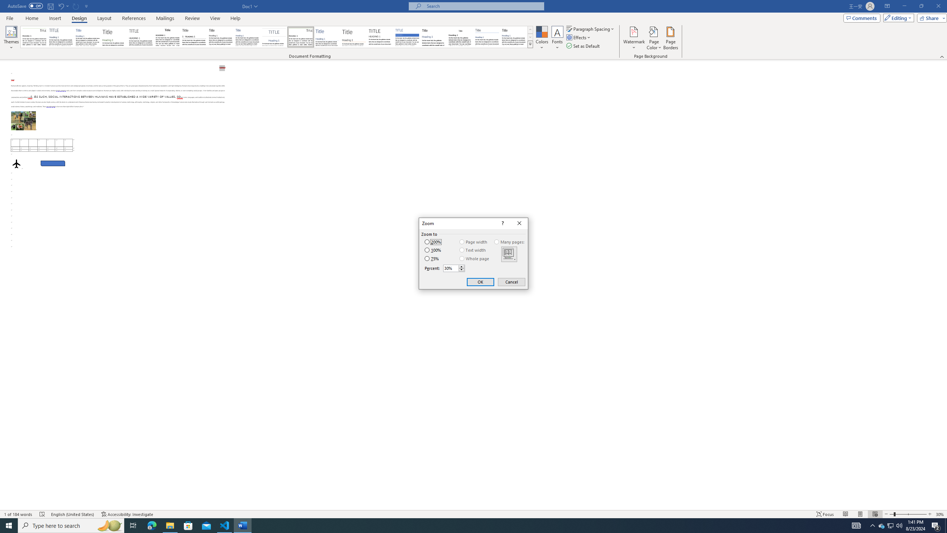  Describe the element at coordinates (433, 37) in the screenshot. I see `'Word'` at that location.